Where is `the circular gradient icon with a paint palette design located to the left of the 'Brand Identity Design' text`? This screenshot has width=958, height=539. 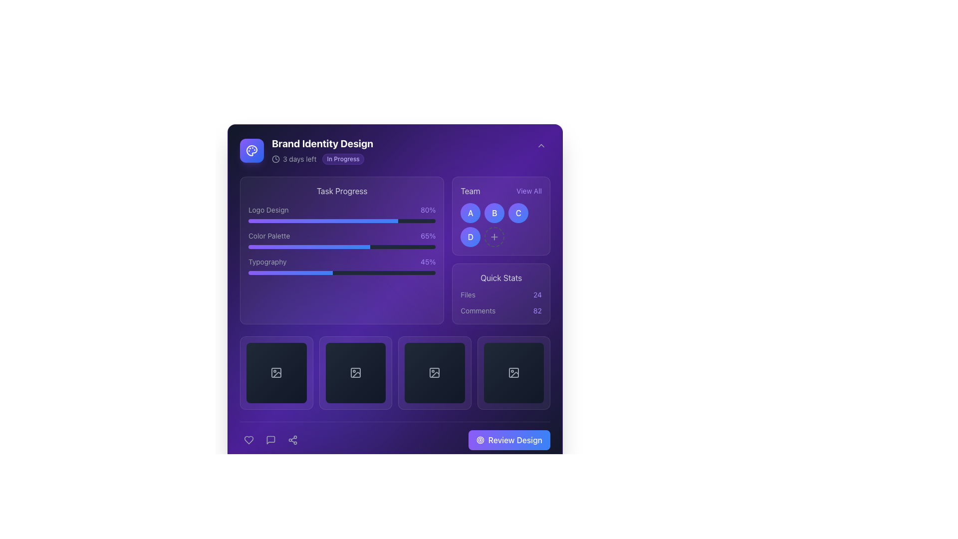 the circular gradient icon with a paint palette design located to the left of the 'Brand Identity Design' text is located at coordinates (251, 150).